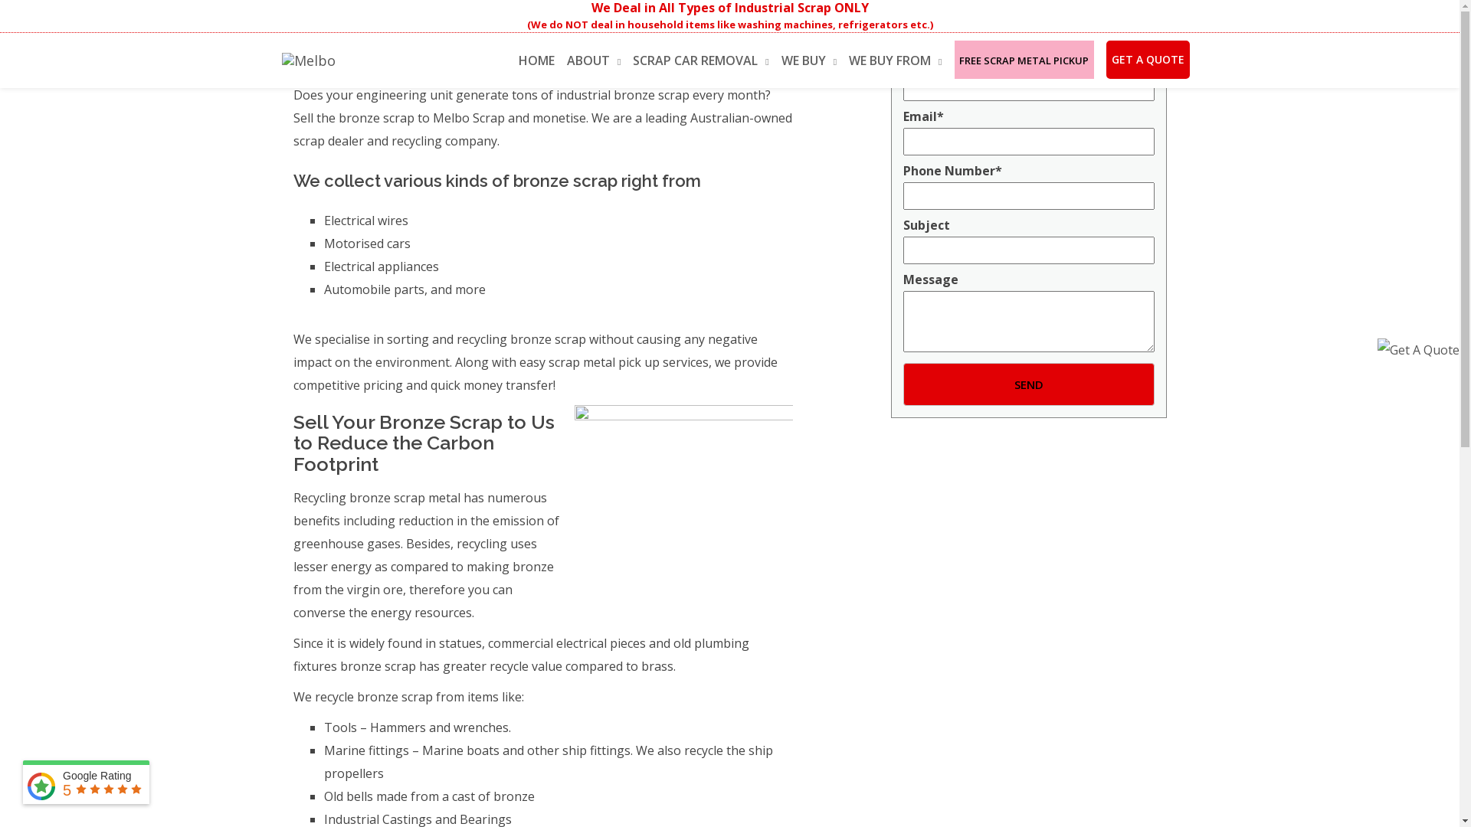  Describe the element at coordinates (895, 58) in the screenshot. I see `'WE BUY FROM'` at that location.